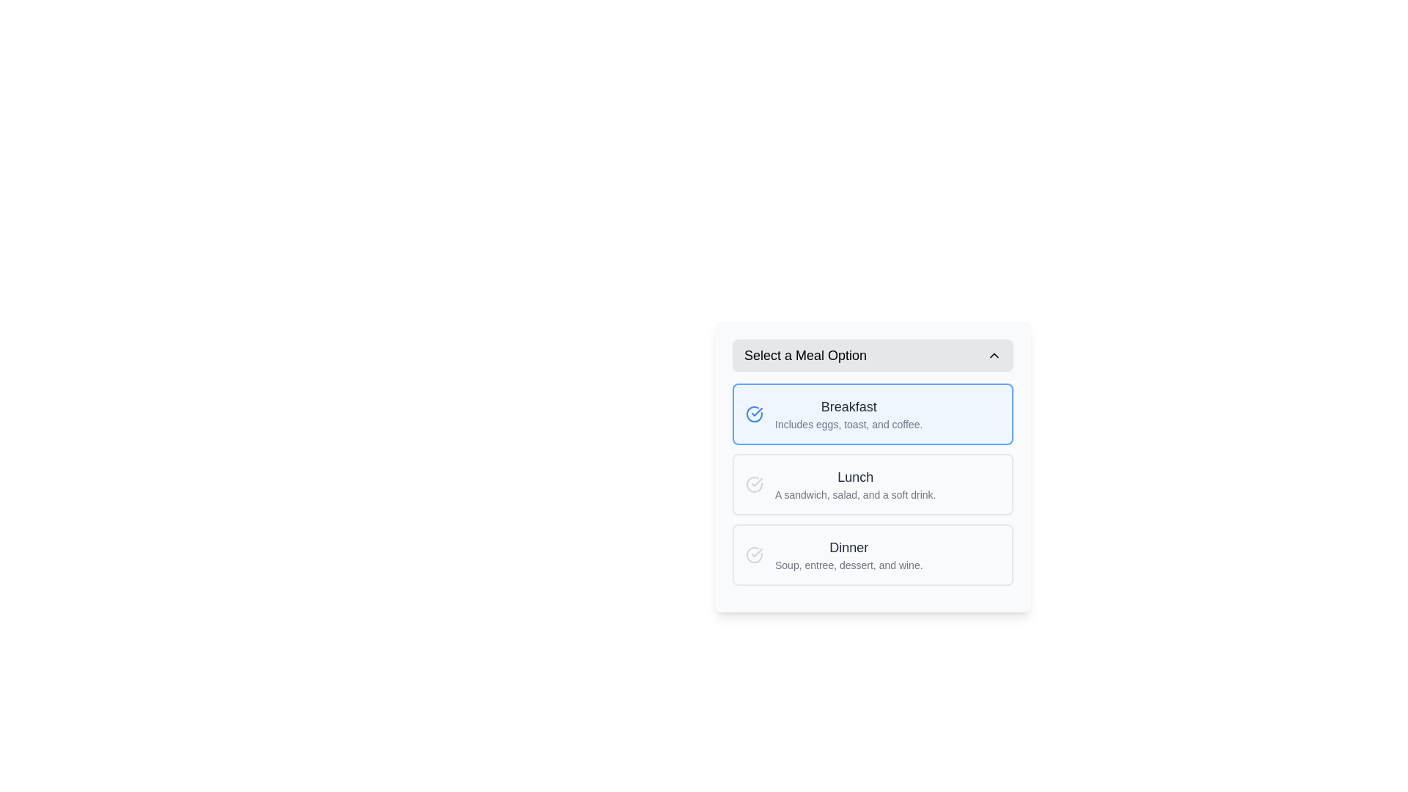  What do you see at coordinates (873, 554) in the screenshot?
I see `the 'Dinner' selectable option with a checkmark icon, which is the third option in a vertical list of three items` at bounding box center [873, 554].